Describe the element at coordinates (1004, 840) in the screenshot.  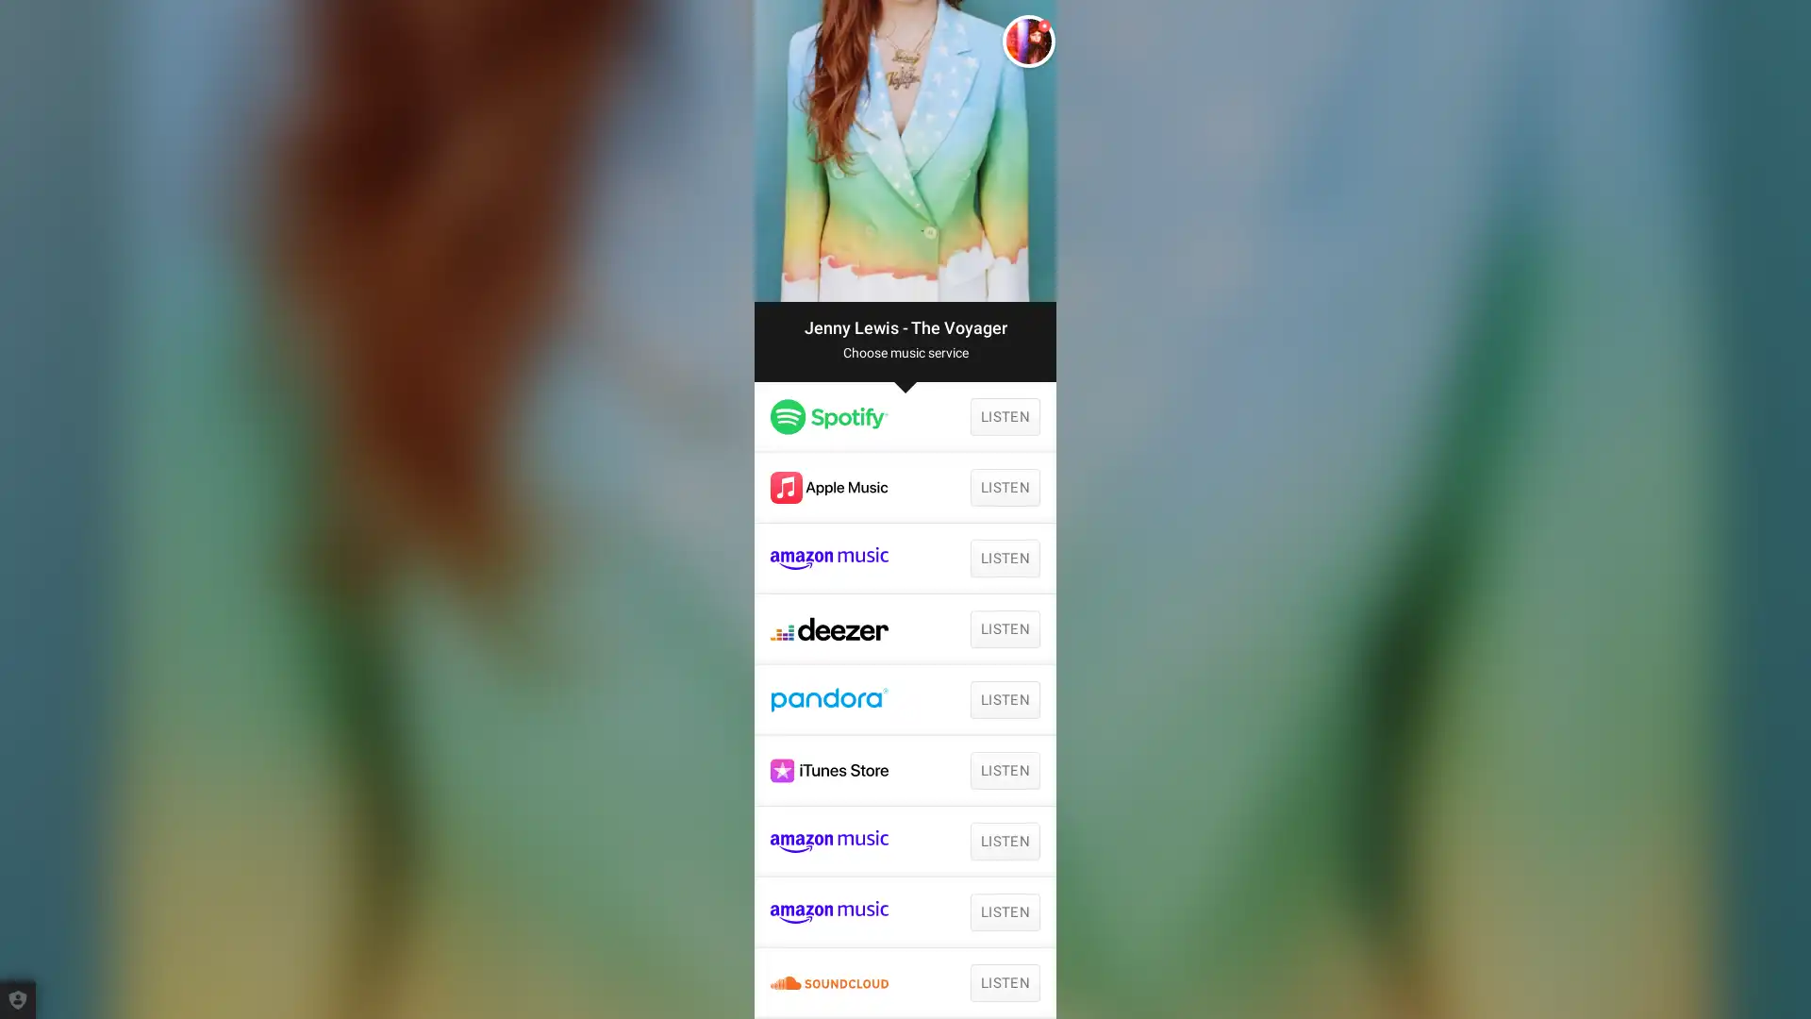
I see `LISTEN` at that location.